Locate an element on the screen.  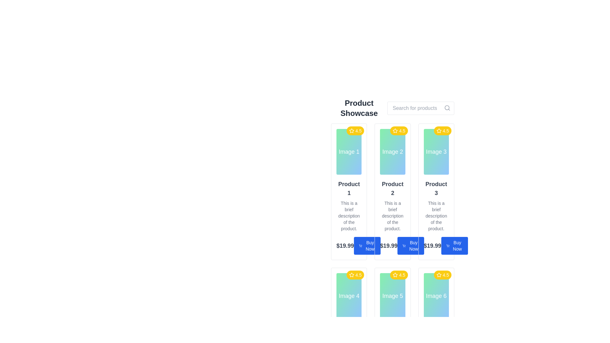
the purchase button located at the bottom-right corner of the third product card to initiate the purchase process is located at coordinates (454, 245).